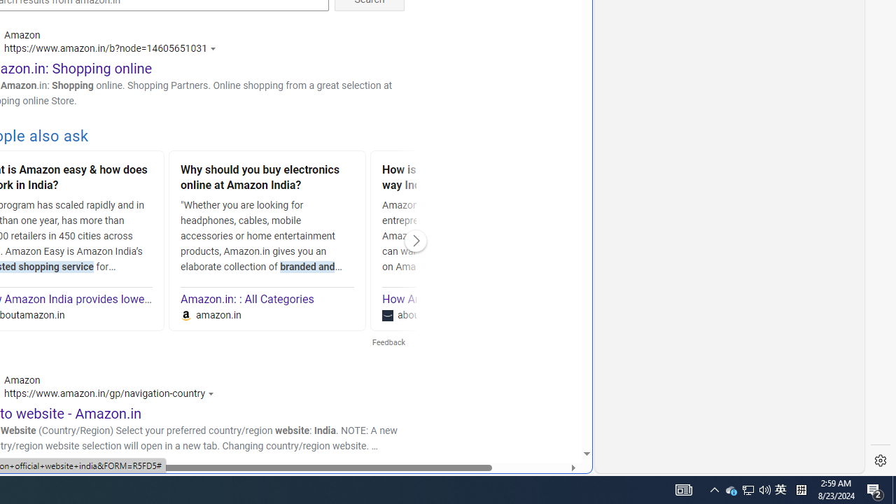 The width and height of the screenshot is (896, 504). What do you see at coordinates (247, 299) in the screenshot?
I see `'Amazon.in: : All Categories'` at bounding box center [247, 299].